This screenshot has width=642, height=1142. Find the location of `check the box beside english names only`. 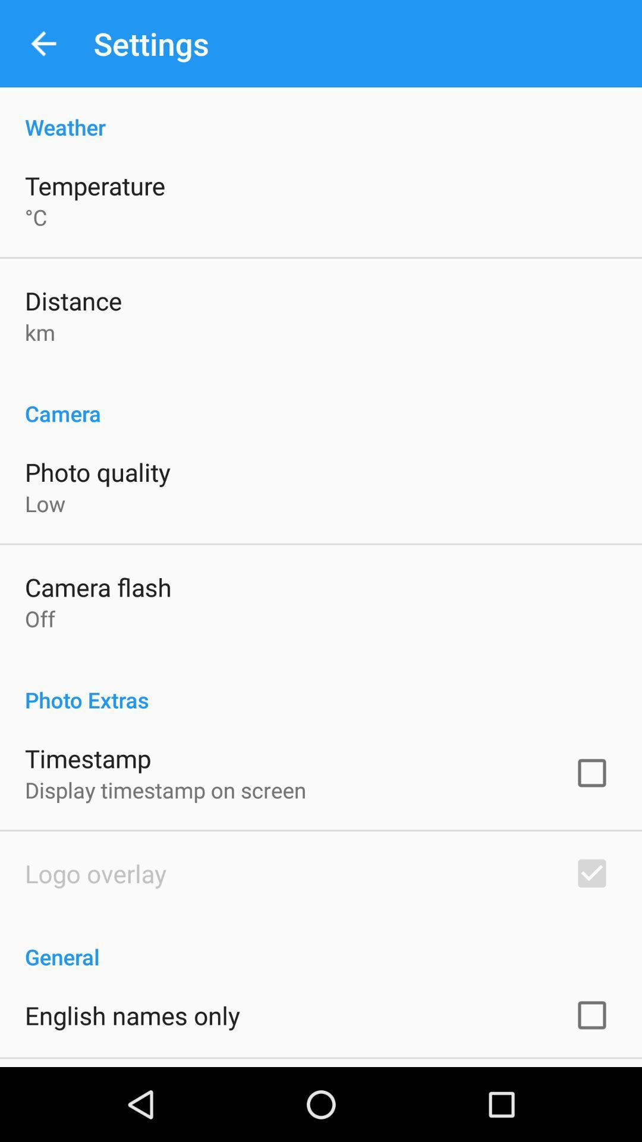

check the box beside english names only is located at coordinates (591, 1015).